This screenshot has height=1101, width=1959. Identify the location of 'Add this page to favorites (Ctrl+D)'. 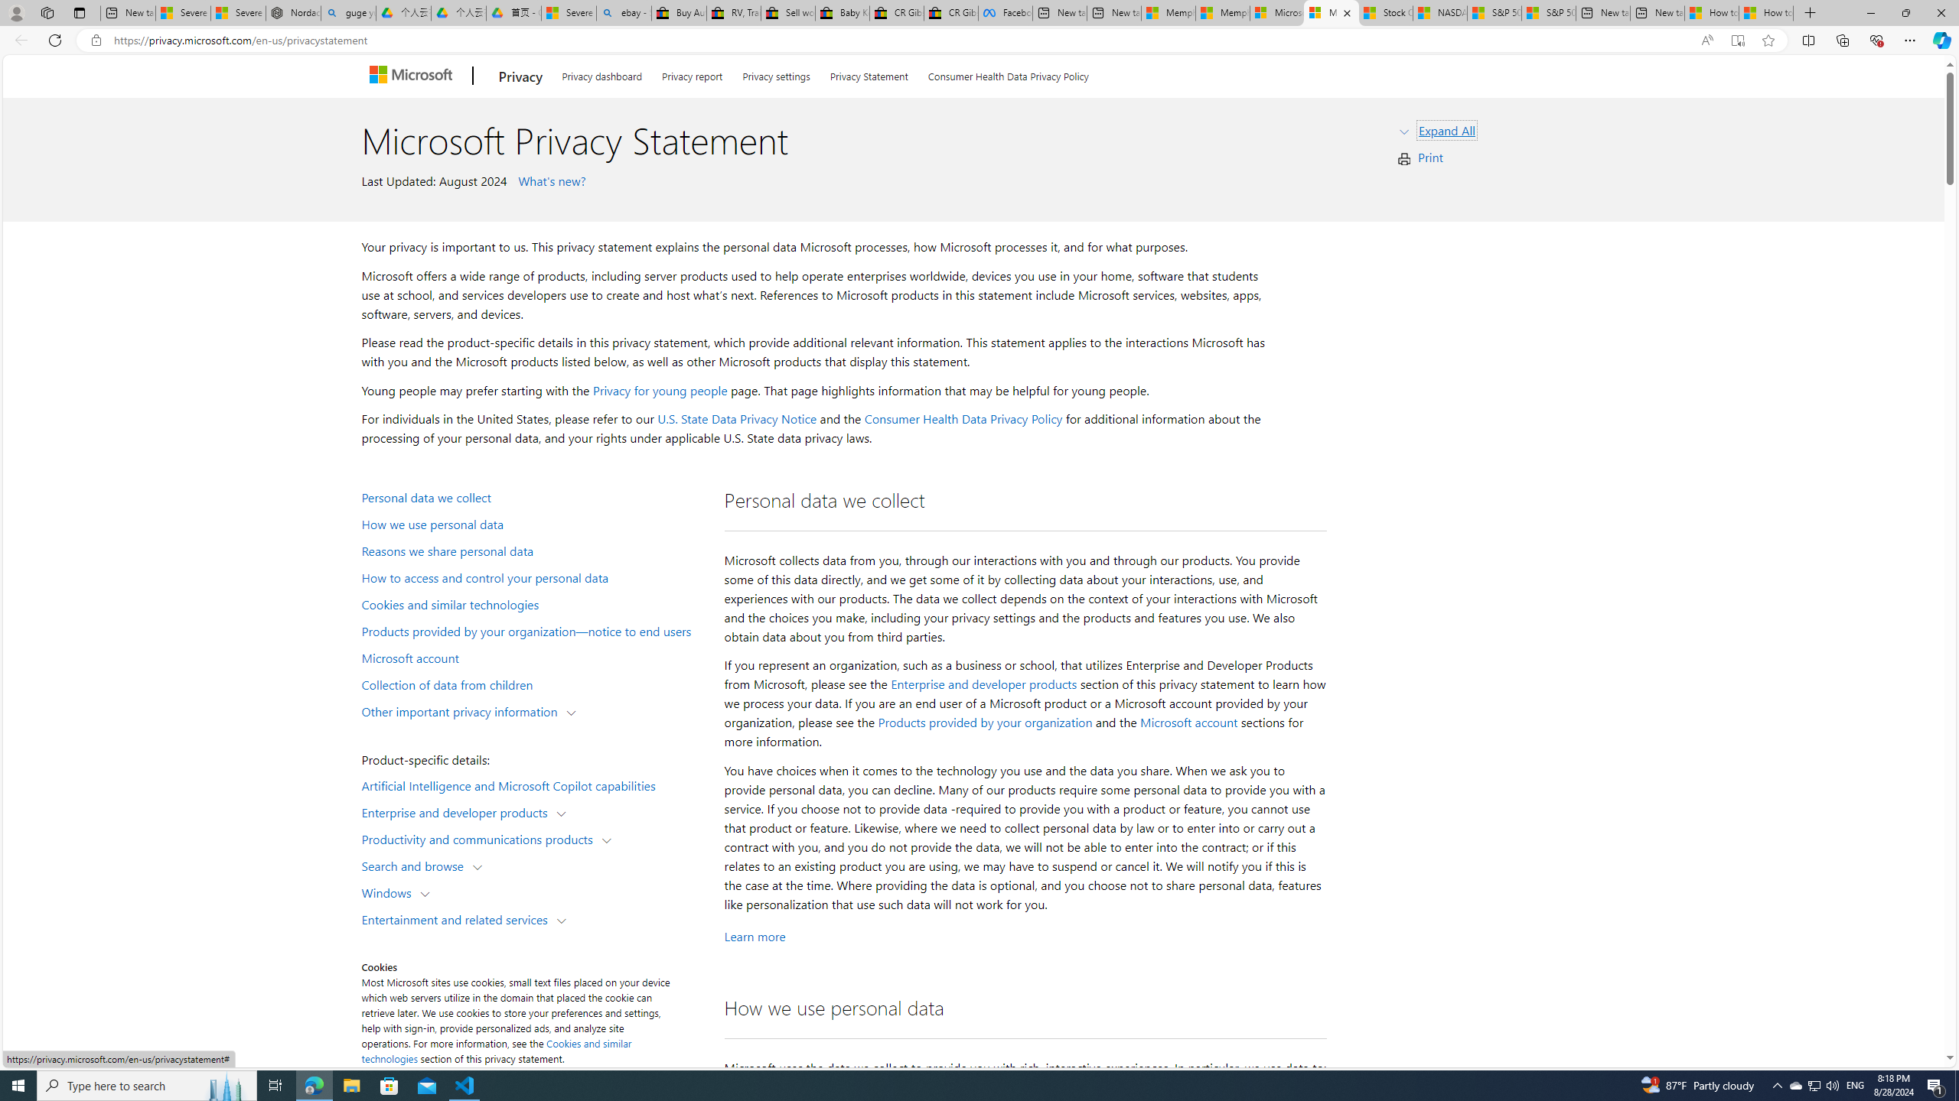
(1768, 41).